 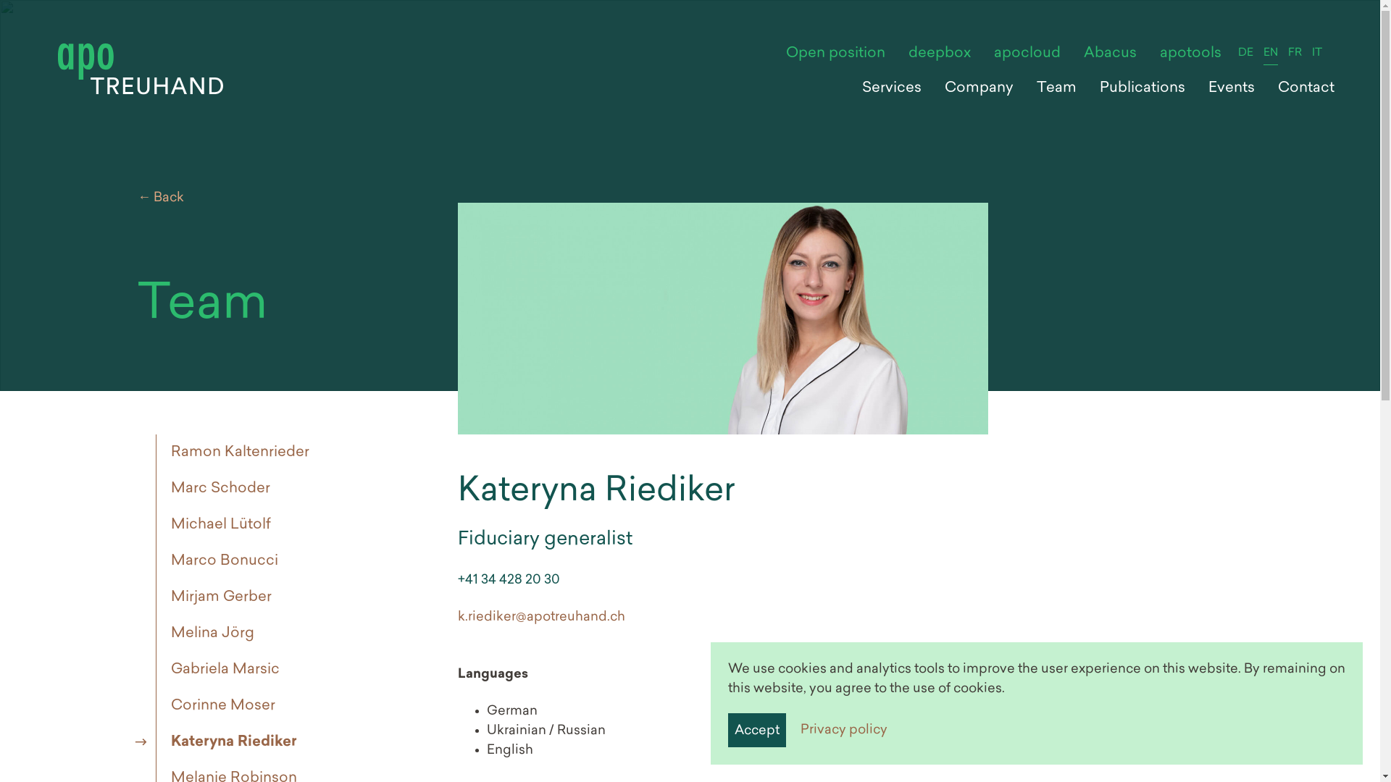 What do you see at coordinates (1269, 52) in the screenshot?
I see `'EN'` at bounding box center [1269, 52].